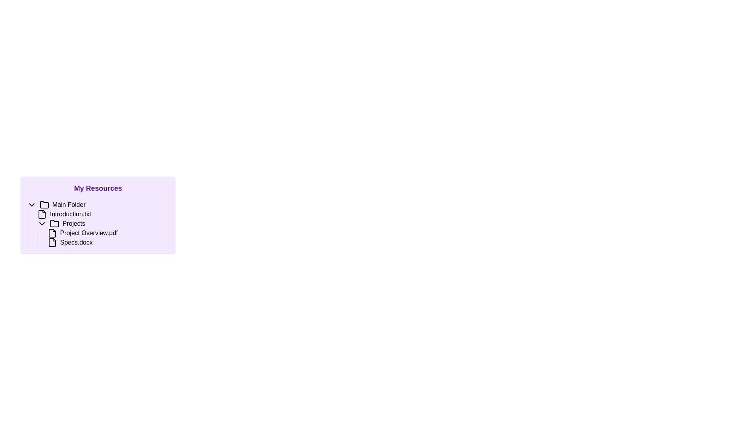 This screenshot has height=424, width=755. I want to click on the red file document icon representing 'Specs.docx' located at the bottom of the 'My Resources' list, so click(52, 242).